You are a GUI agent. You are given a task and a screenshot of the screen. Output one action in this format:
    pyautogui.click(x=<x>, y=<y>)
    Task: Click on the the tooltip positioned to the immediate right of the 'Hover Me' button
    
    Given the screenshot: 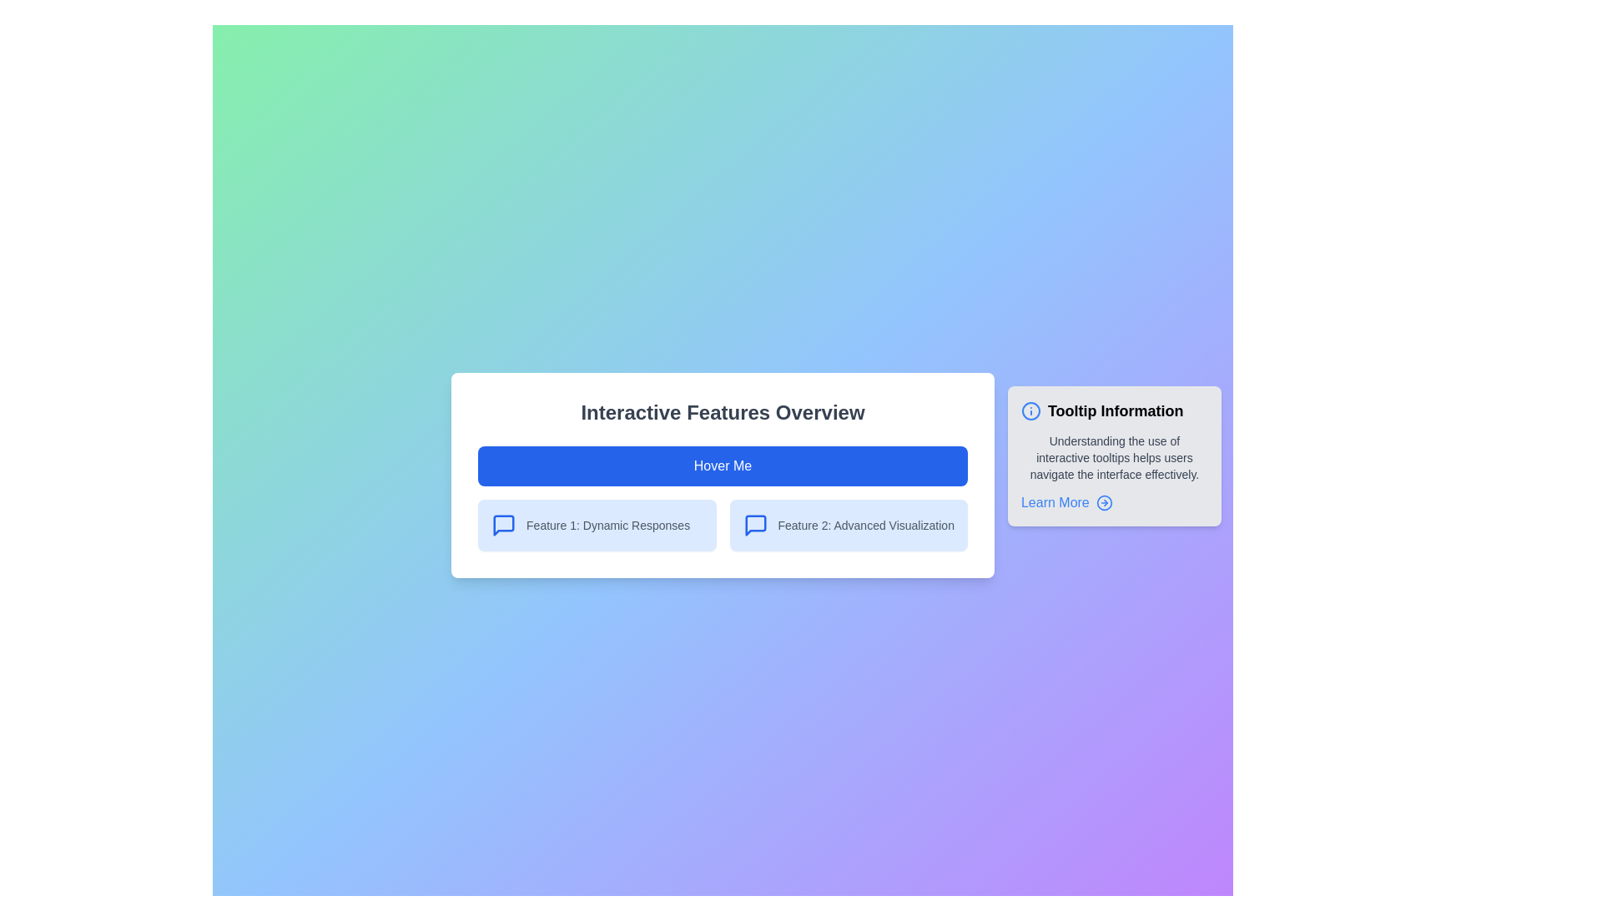 What is the action you would take?
    pyautogui.click(x=1114, y=456)
    